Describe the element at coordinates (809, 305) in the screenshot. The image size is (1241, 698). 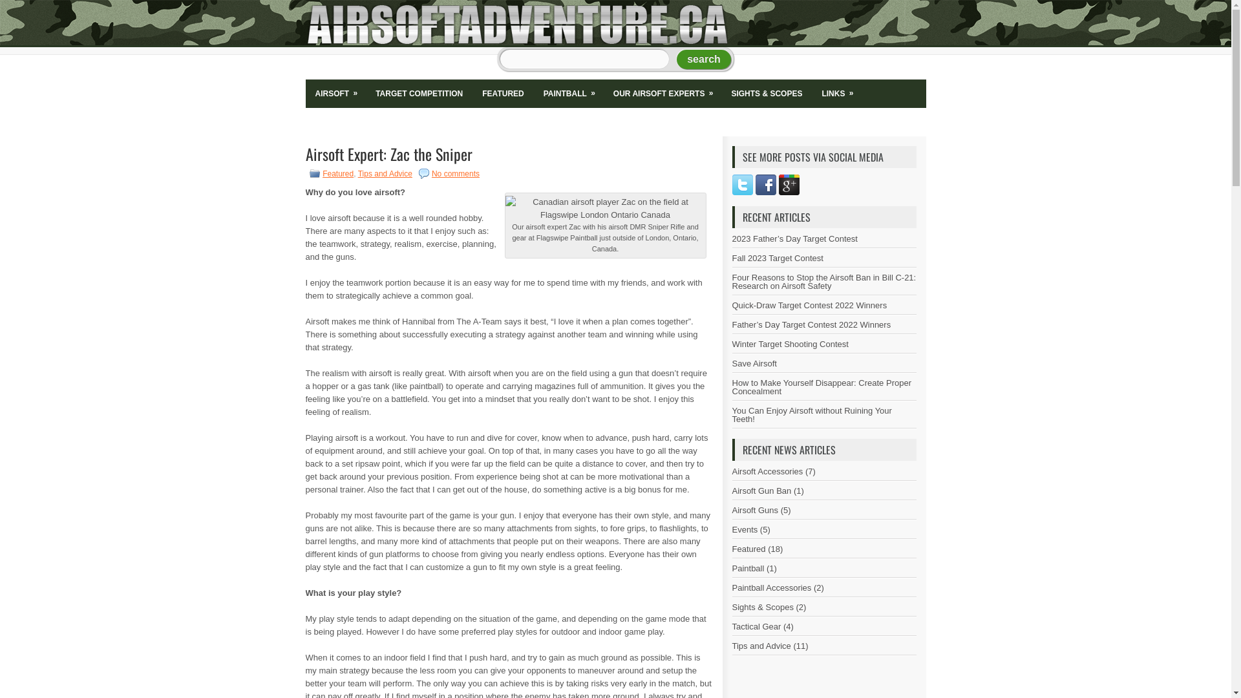
I see `'Quick-Draw Target Contest 2022 Winners'` at that location.